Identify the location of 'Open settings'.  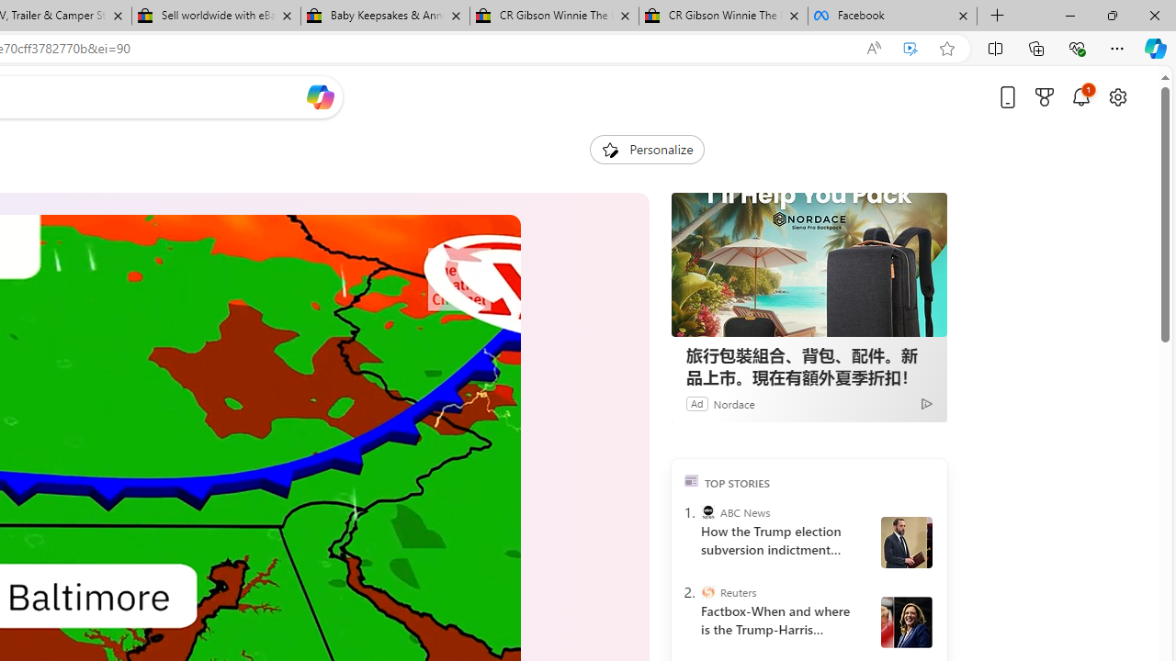
(1116, 96).